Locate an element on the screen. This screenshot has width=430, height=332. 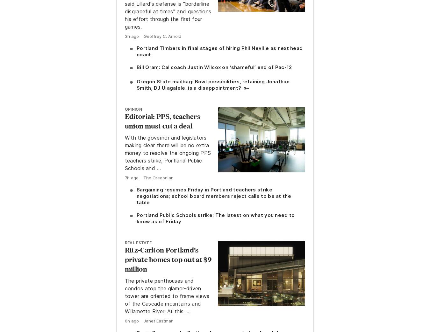
'Oregon State mailbag: Bowl possibilities, retaining Jonathan Smith, DJ Uiagalelei is a disappointment?' is located at coordinates (212, 84).